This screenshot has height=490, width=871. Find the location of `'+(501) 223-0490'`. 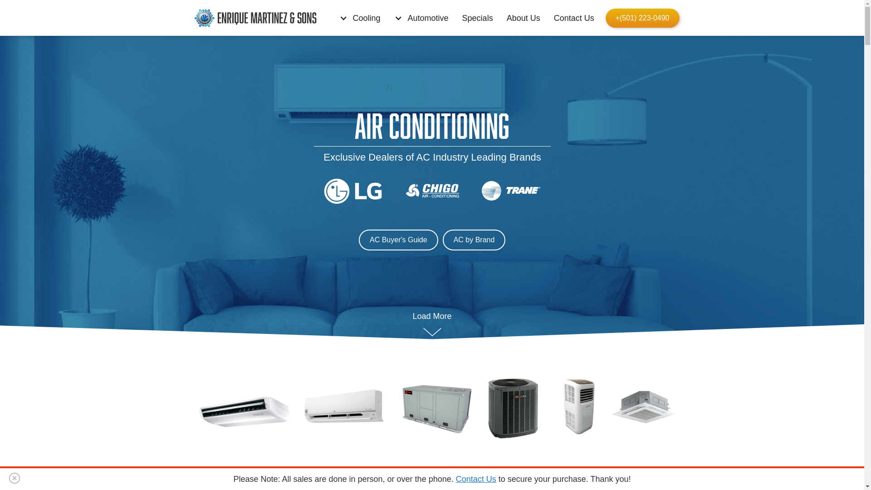

'+(501) 223-0490' is located at coordinates (642, 18).